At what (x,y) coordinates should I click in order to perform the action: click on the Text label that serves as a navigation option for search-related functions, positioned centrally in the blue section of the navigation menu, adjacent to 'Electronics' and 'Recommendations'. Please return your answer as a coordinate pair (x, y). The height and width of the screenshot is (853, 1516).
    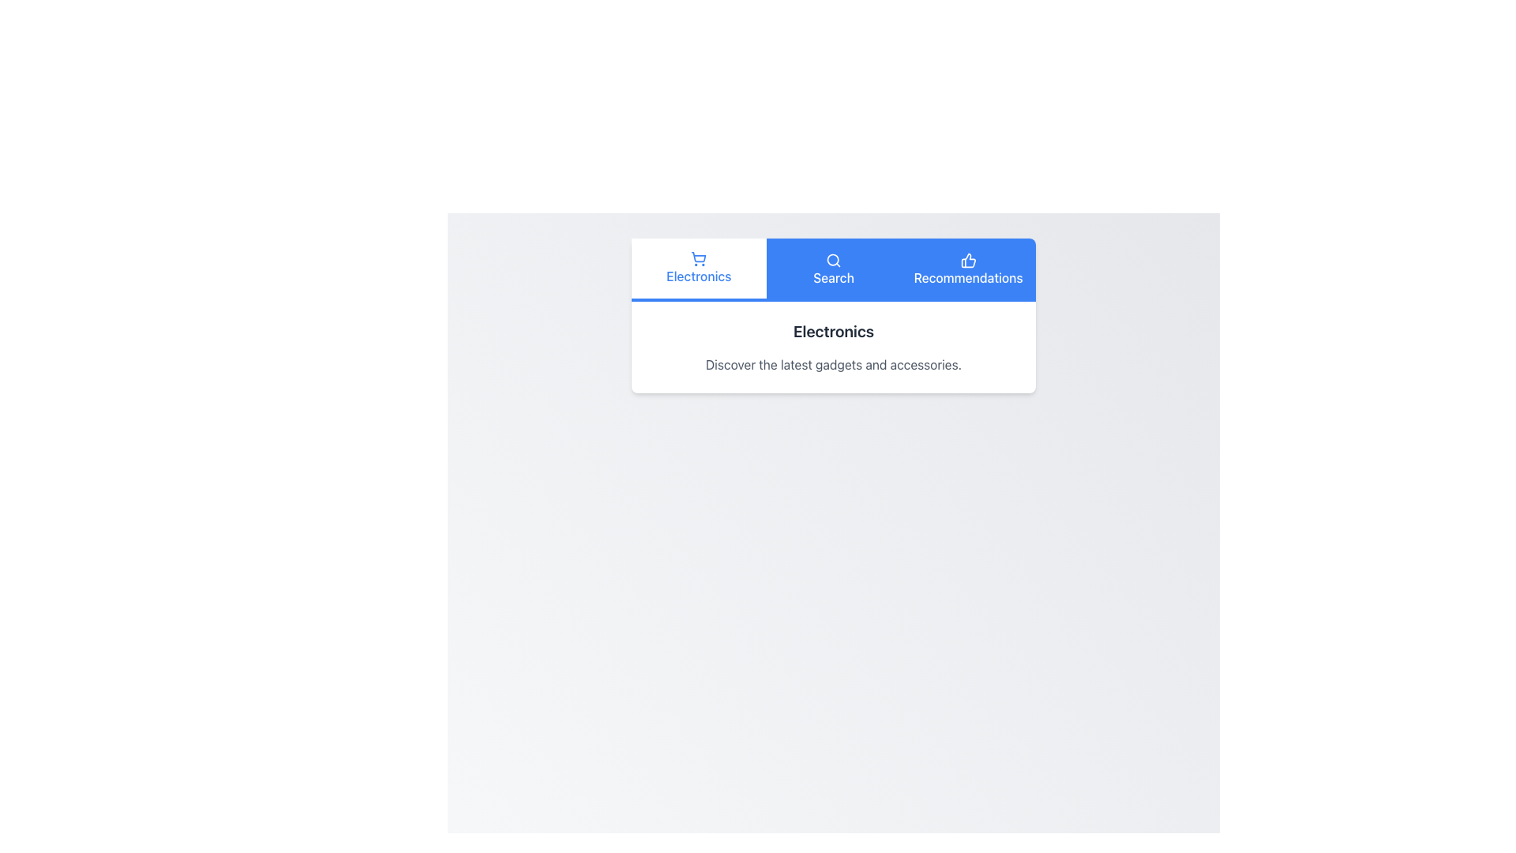
    Looking at the image, I should click on (833, 276).